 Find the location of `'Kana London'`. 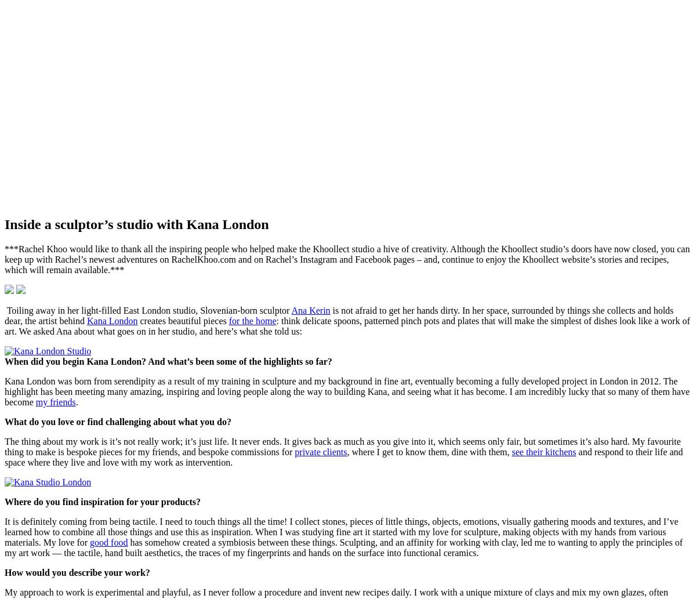

'Kana London' is located at coordinates (111, 320).